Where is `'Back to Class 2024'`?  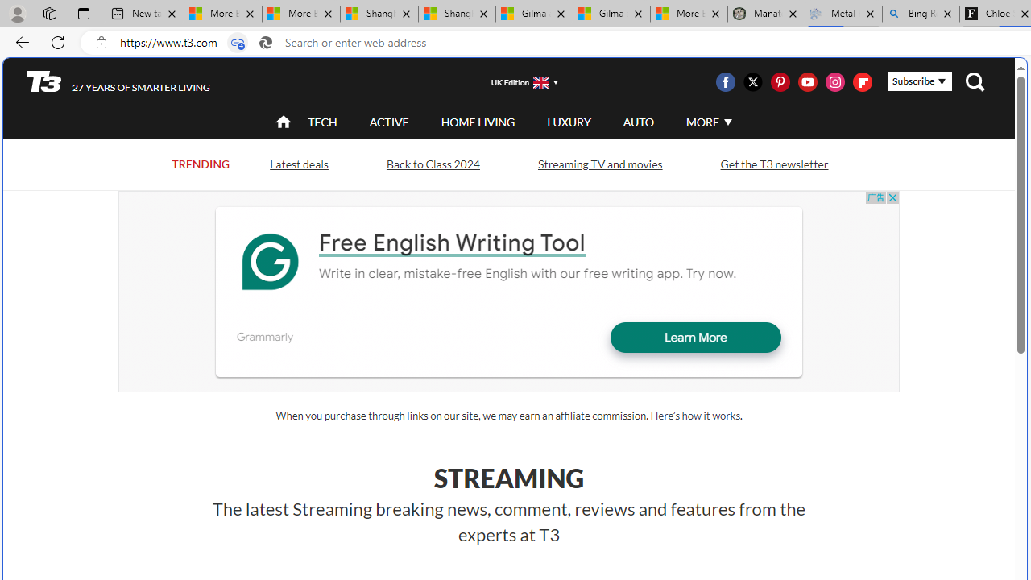
'Back to Class 2024' is located at coordinates (433, 164).